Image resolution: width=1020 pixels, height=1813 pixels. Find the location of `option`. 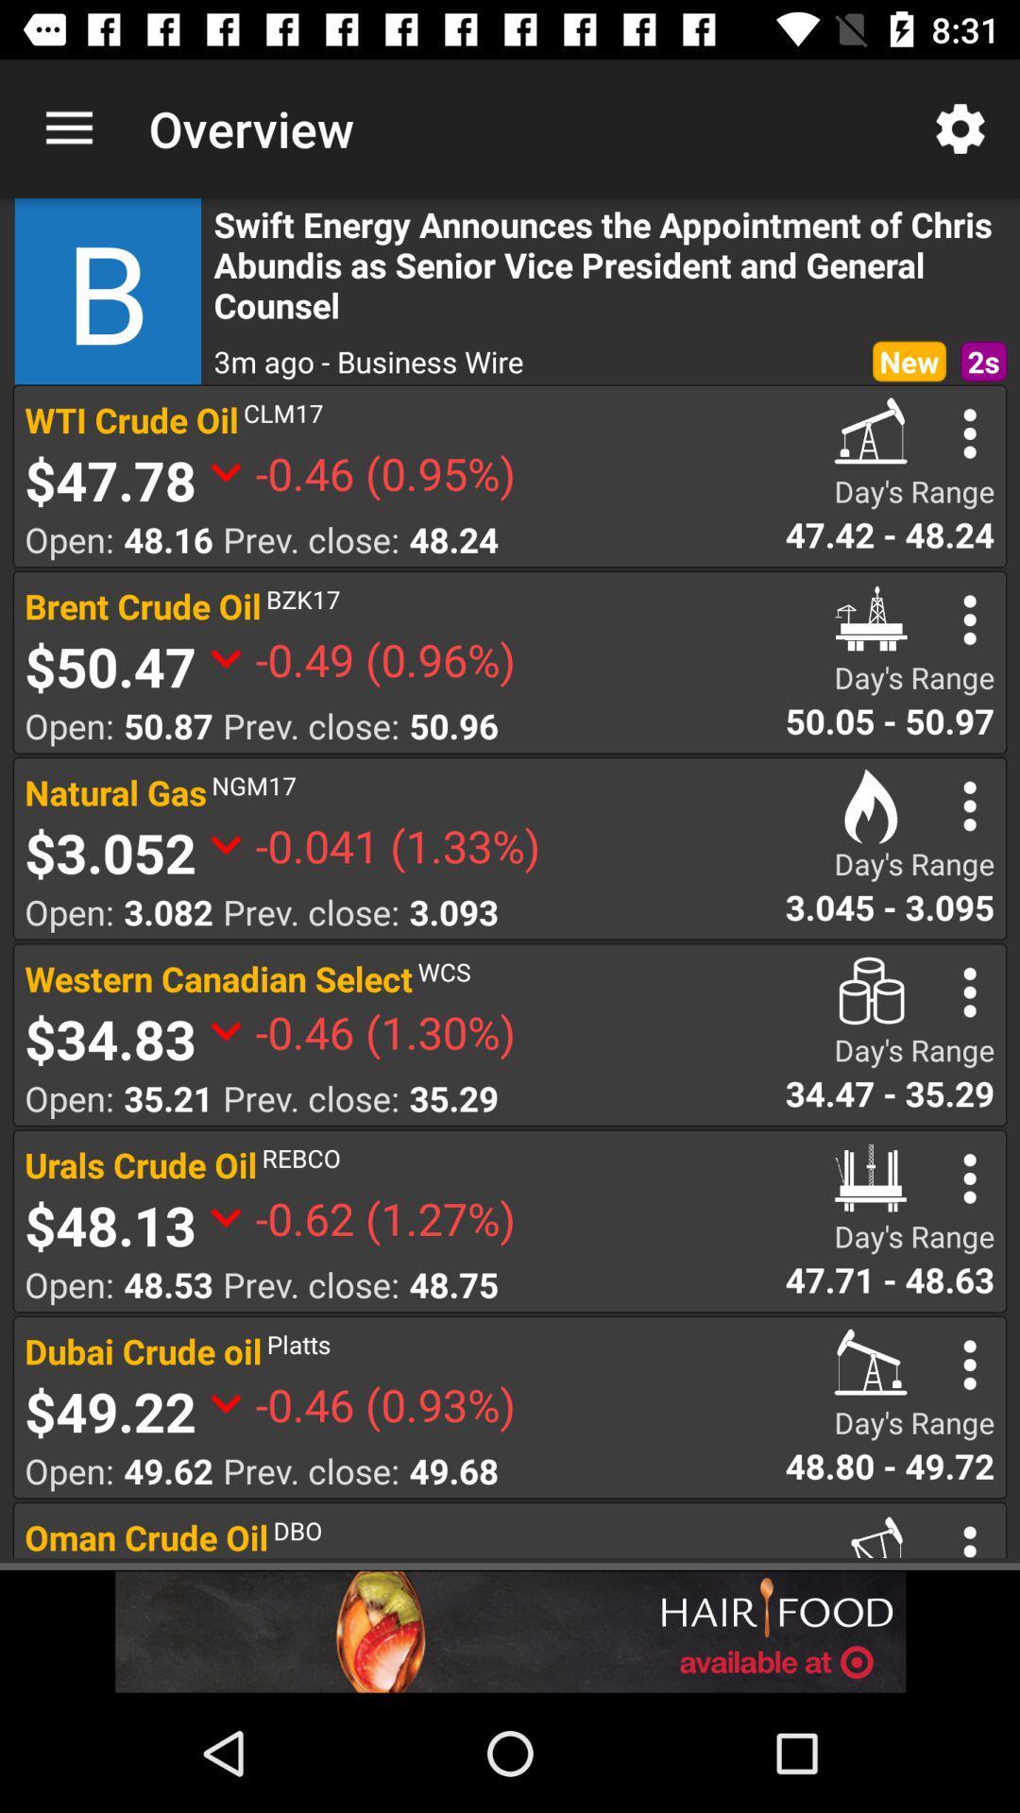

option is located at coordinates (970, 991).